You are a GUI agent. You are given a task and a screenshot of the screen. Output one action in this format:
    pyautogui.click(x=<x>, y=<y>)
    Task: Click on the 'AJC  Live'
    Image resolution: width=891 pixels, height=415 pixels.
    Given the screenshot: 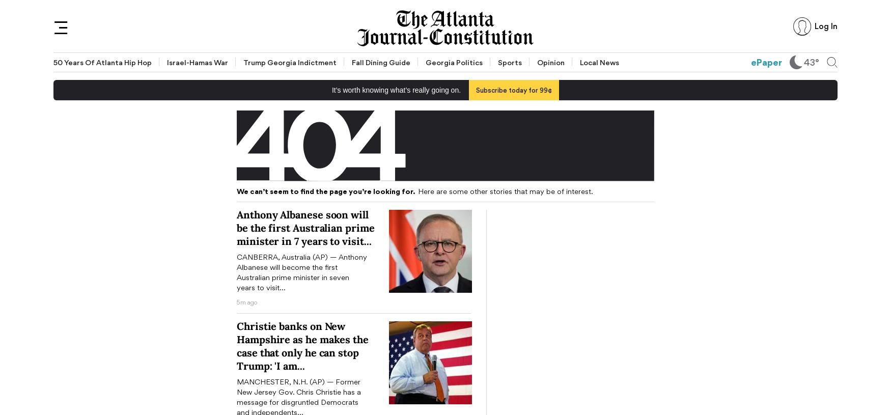 What is the action you would take?
    pyautogui.click(x=715, y=97)
    